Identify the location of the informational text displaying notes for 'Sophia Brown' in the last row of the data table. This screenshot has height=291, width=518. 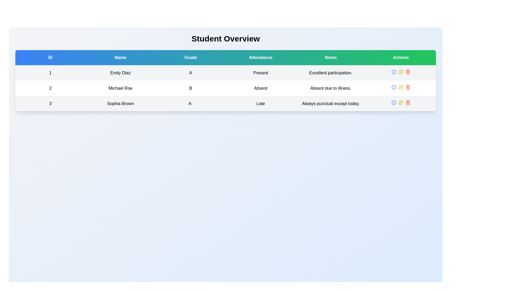
(330, 103).